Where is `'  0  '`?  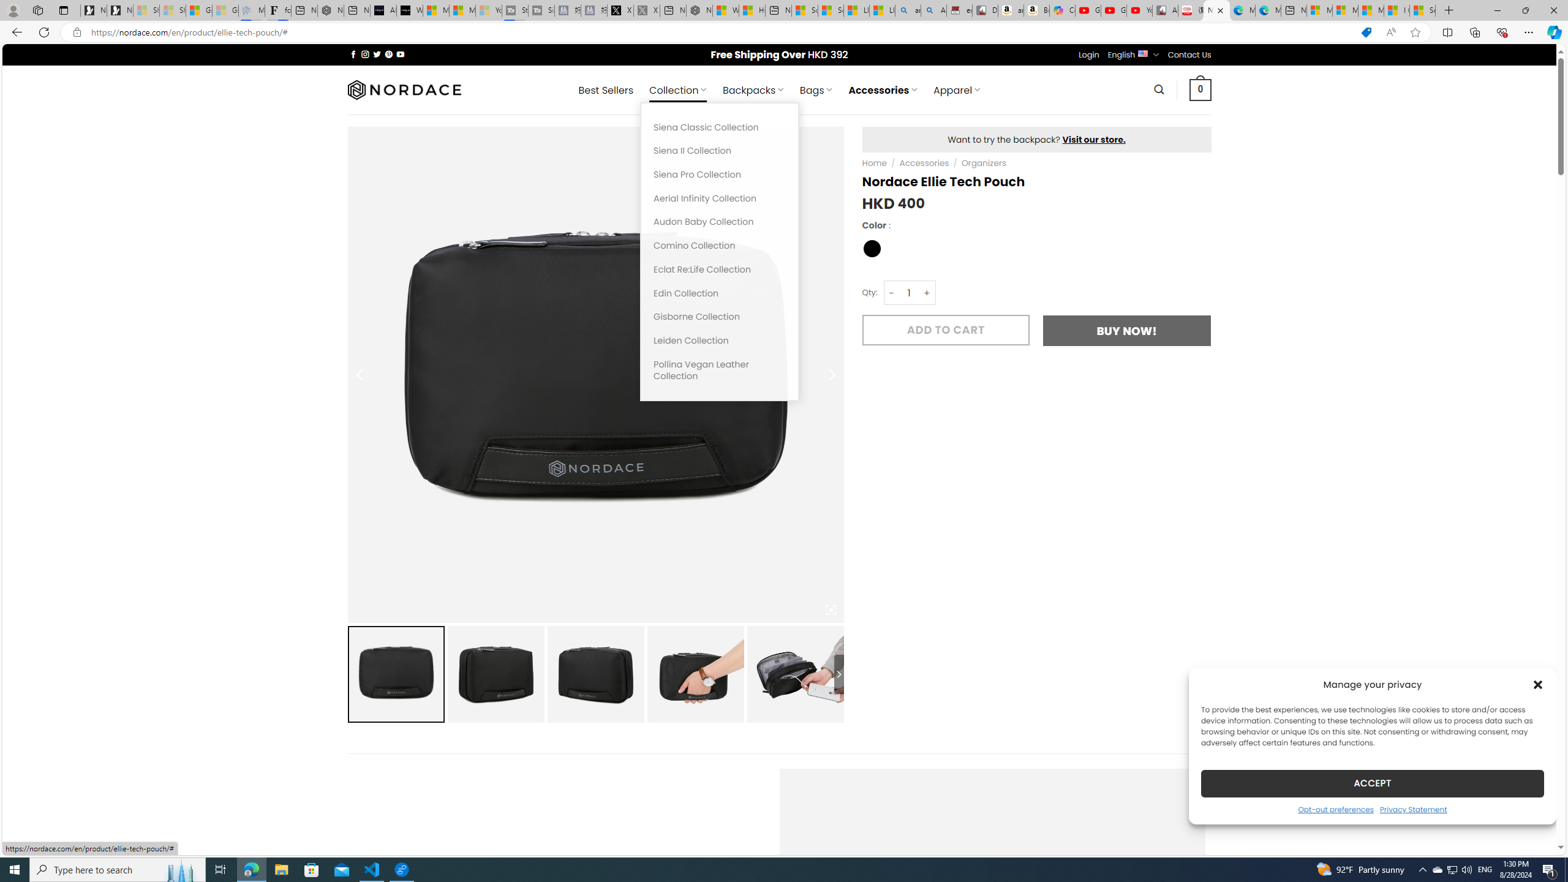
'  0  ' is located at coordinates (1200, 89).